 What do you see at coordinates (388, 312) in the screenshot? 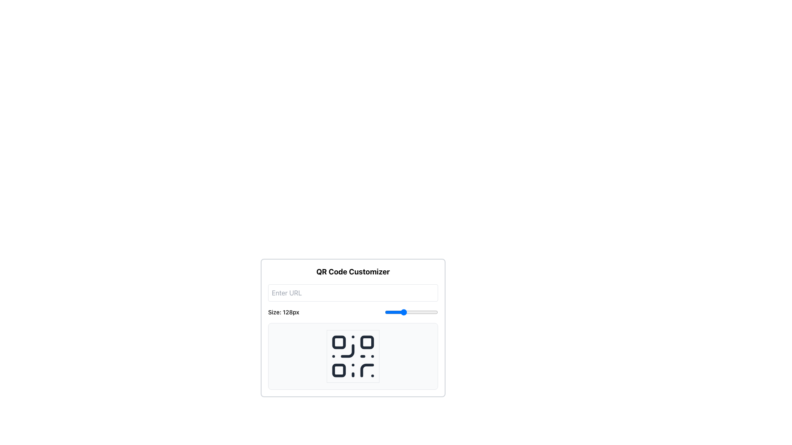
I see `the size` at bounding box center [388, 312].